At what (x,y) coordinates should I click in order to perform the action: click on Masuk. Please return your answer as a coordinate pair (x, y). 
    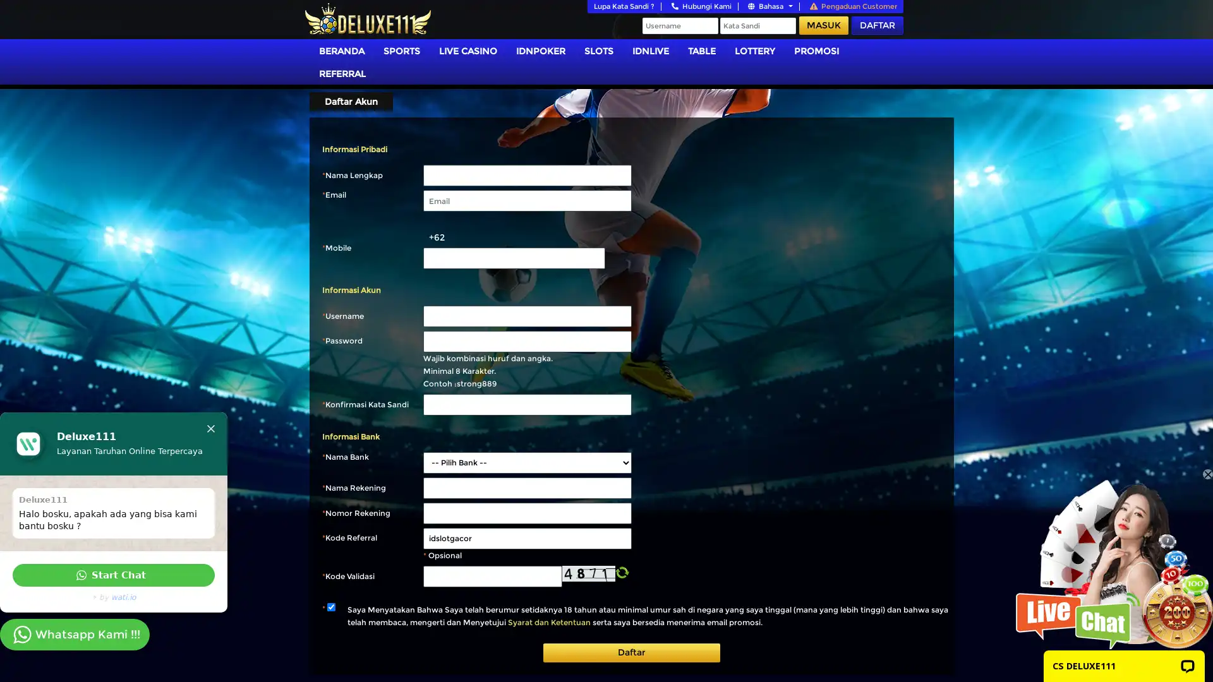
    Looking at the image, I should click on (824, 25).